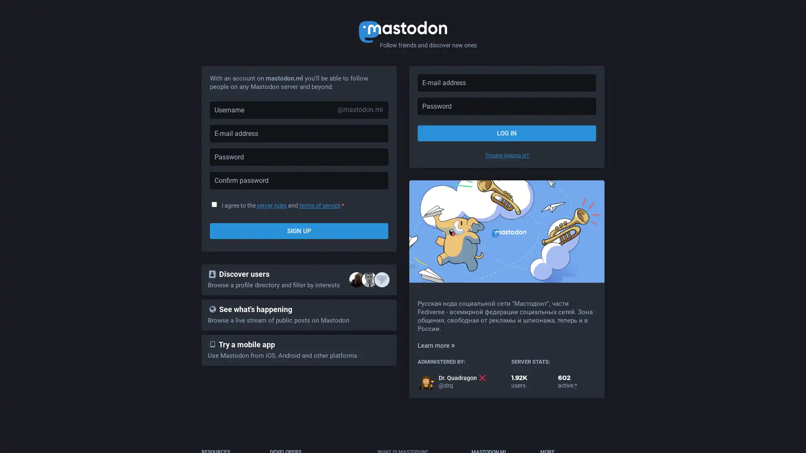  Describe the element at coordinates (506, 133) in the screenshot. I see `LOG IN` at that location.